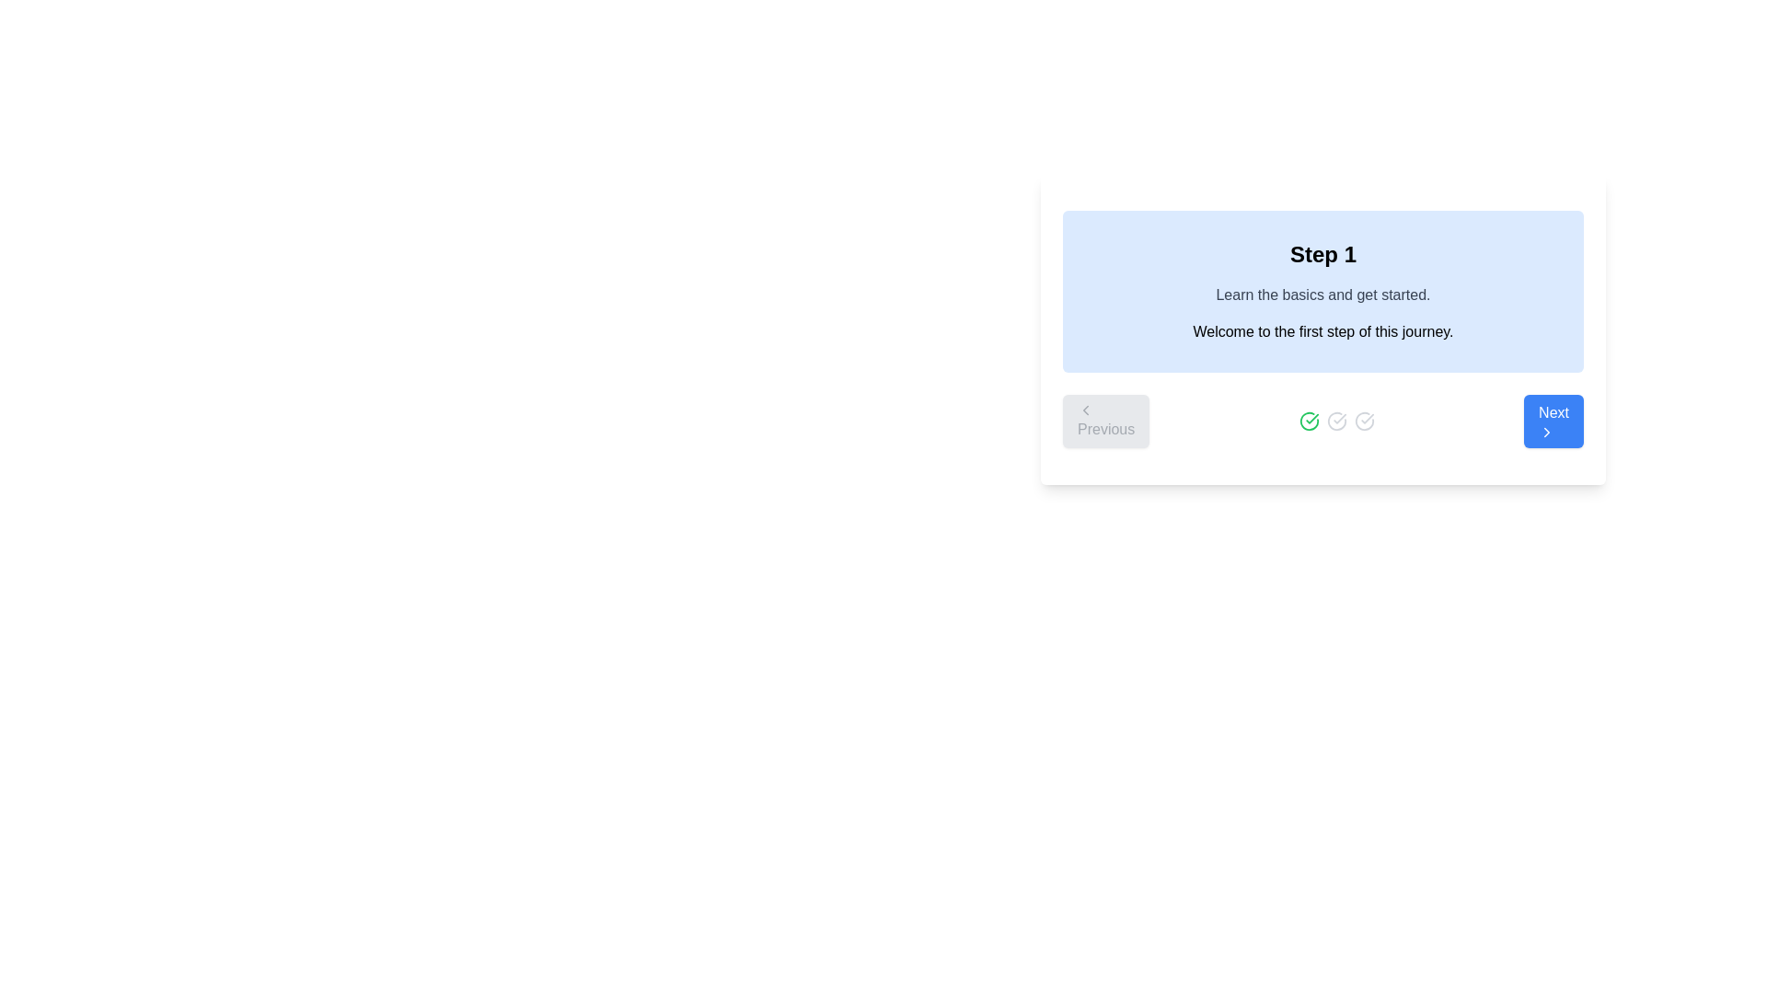 The image size is (1767, 994). What do you see at coordinates (1308, 422) in the screenshot?
I see `the circular icon with a green checkmark that symbolizes a completed action, located at the bottom of the interface, slightly to the left of center` at bounding box center [1308, 422].